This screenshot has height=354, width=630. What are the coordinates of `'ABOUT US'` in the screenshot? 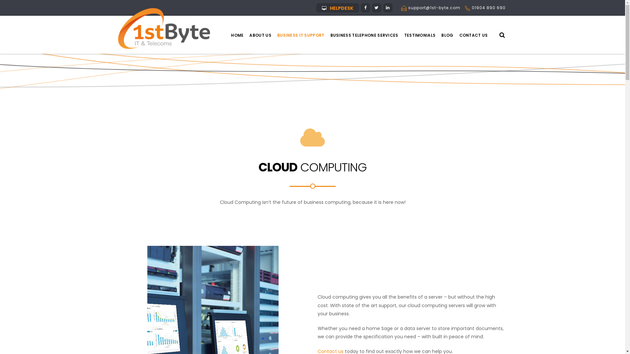 It's located at (260, 35).